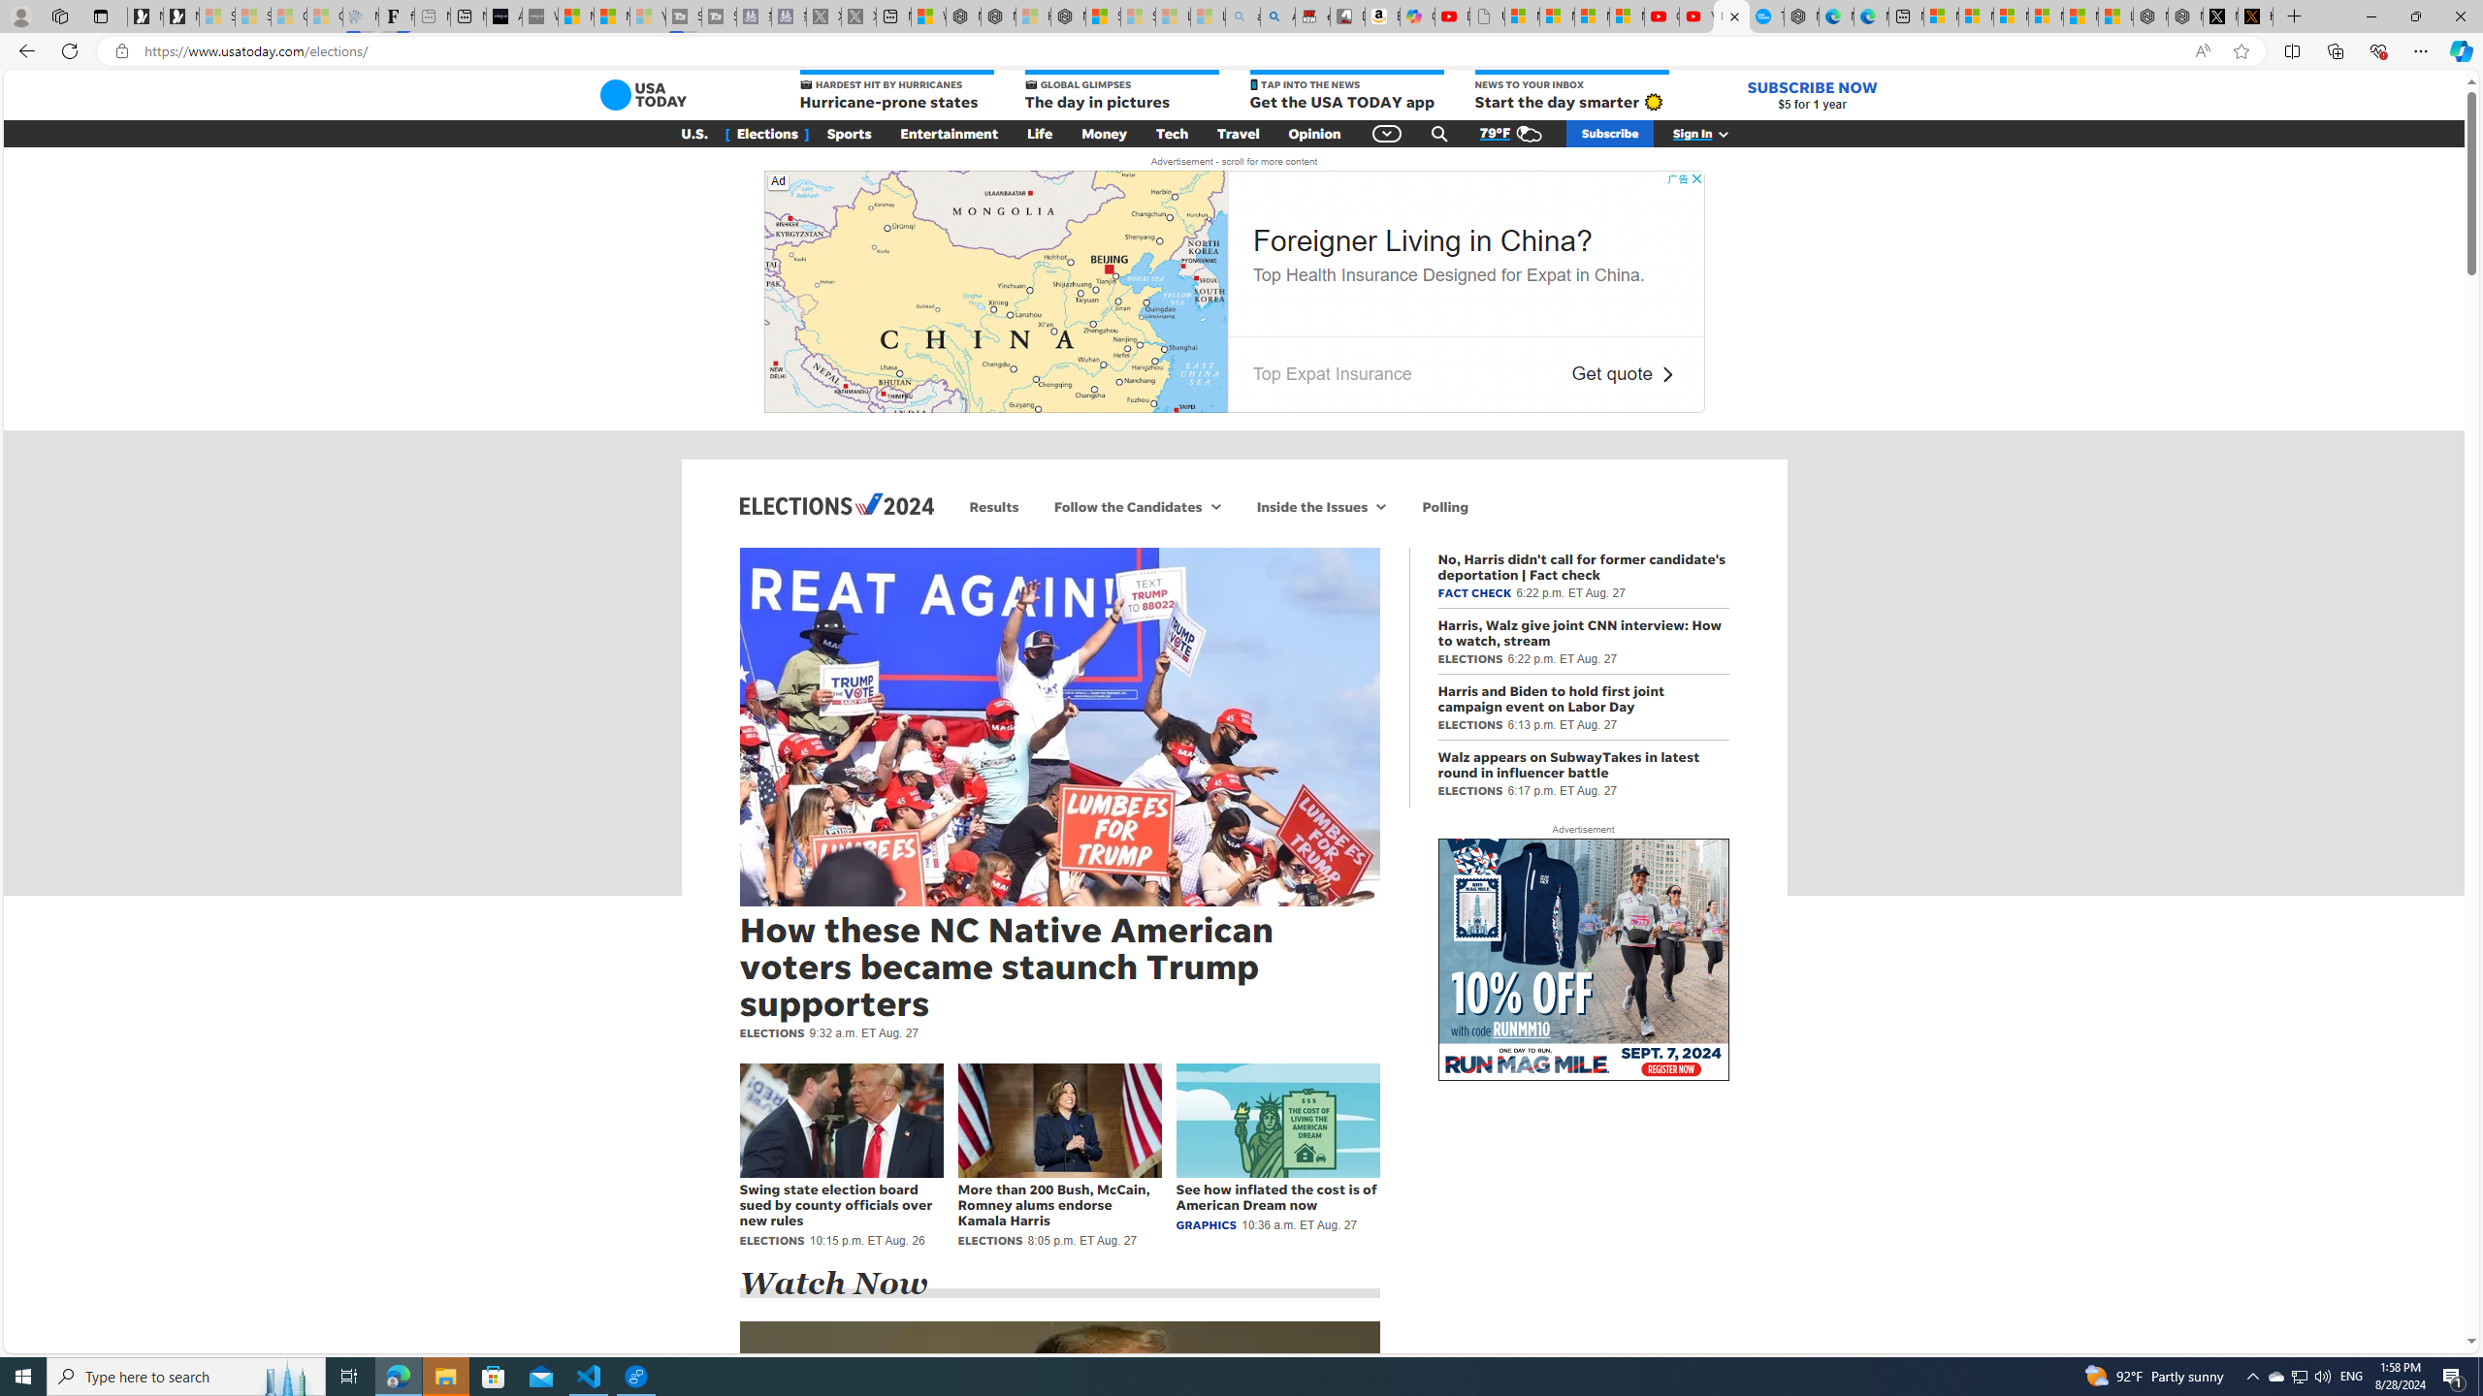 This screenshot has height=1396, width=2483. What do you see at coordinates (857, 16) in the screenshot?
I see `'X - Sleeping'` at bounding box center [857, 16].